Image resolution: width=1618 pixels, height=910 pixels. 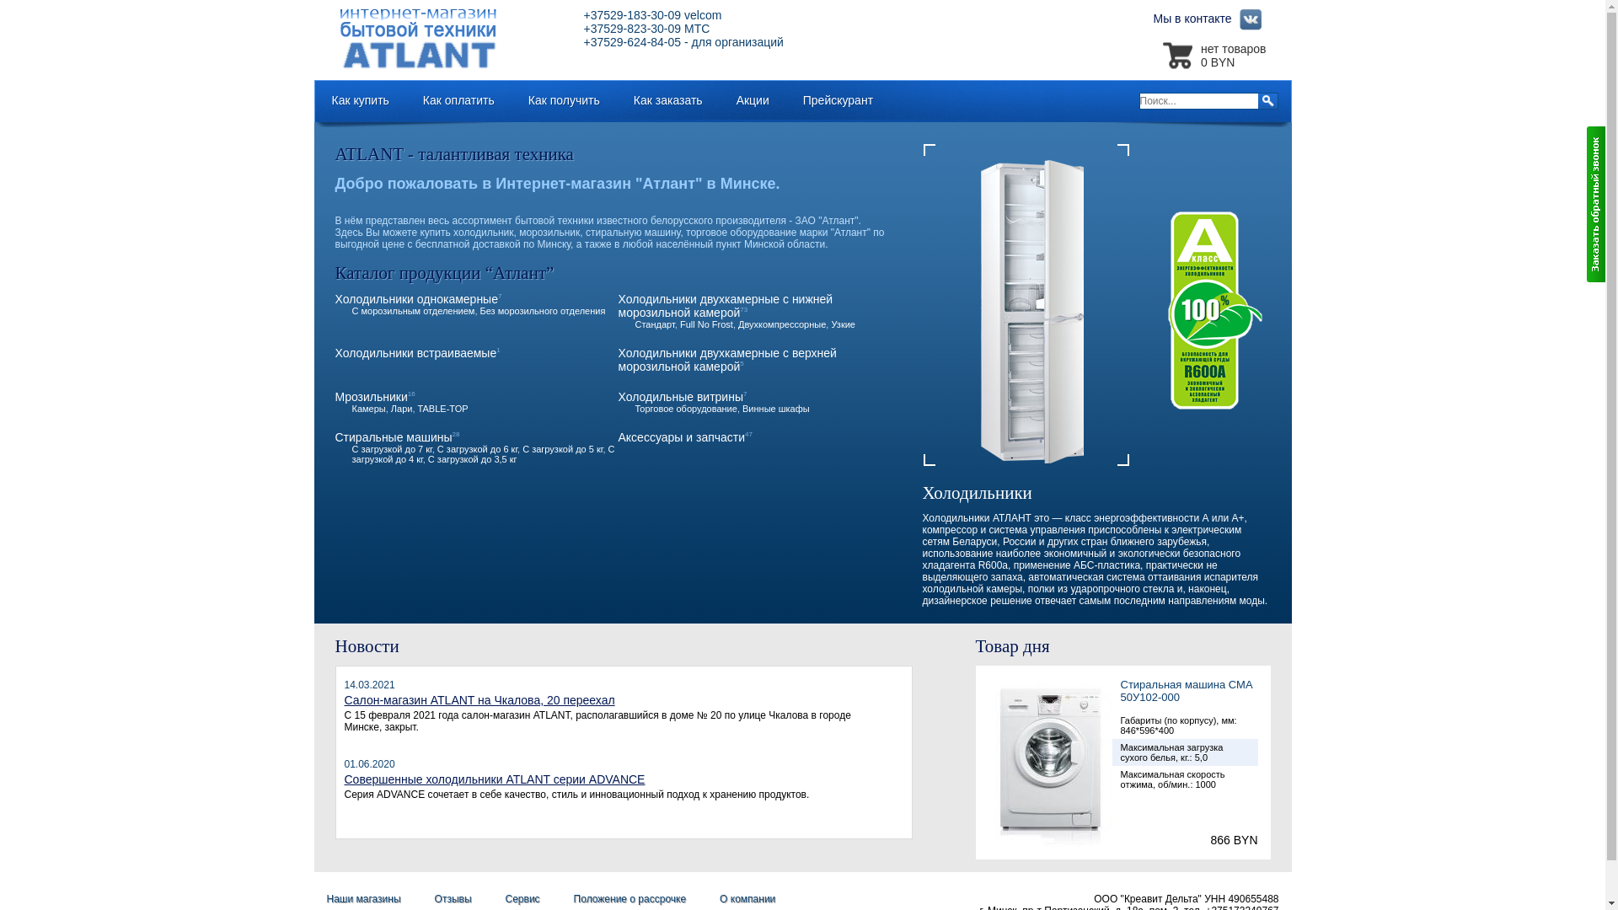 I want to click on 'Full No Frost', so click(x=706, y=324).